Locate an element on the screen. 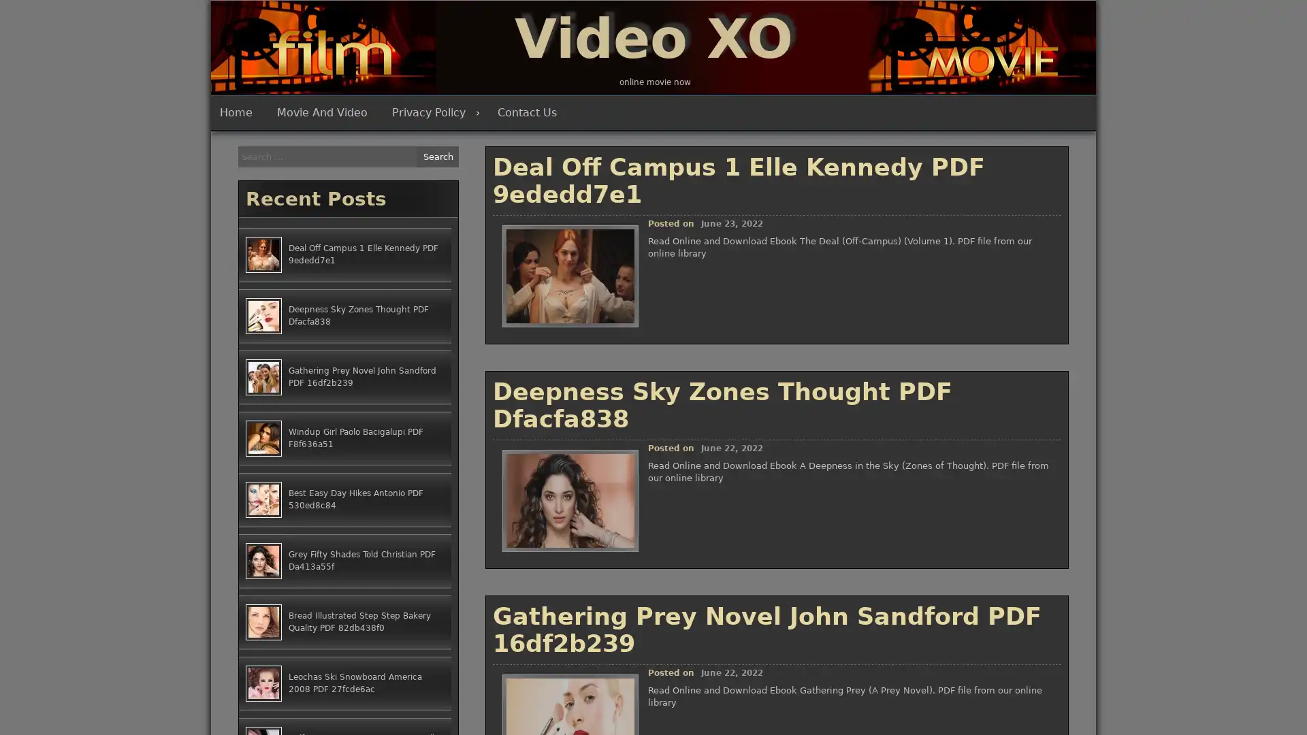  Search is located at coordinates (438, 156).